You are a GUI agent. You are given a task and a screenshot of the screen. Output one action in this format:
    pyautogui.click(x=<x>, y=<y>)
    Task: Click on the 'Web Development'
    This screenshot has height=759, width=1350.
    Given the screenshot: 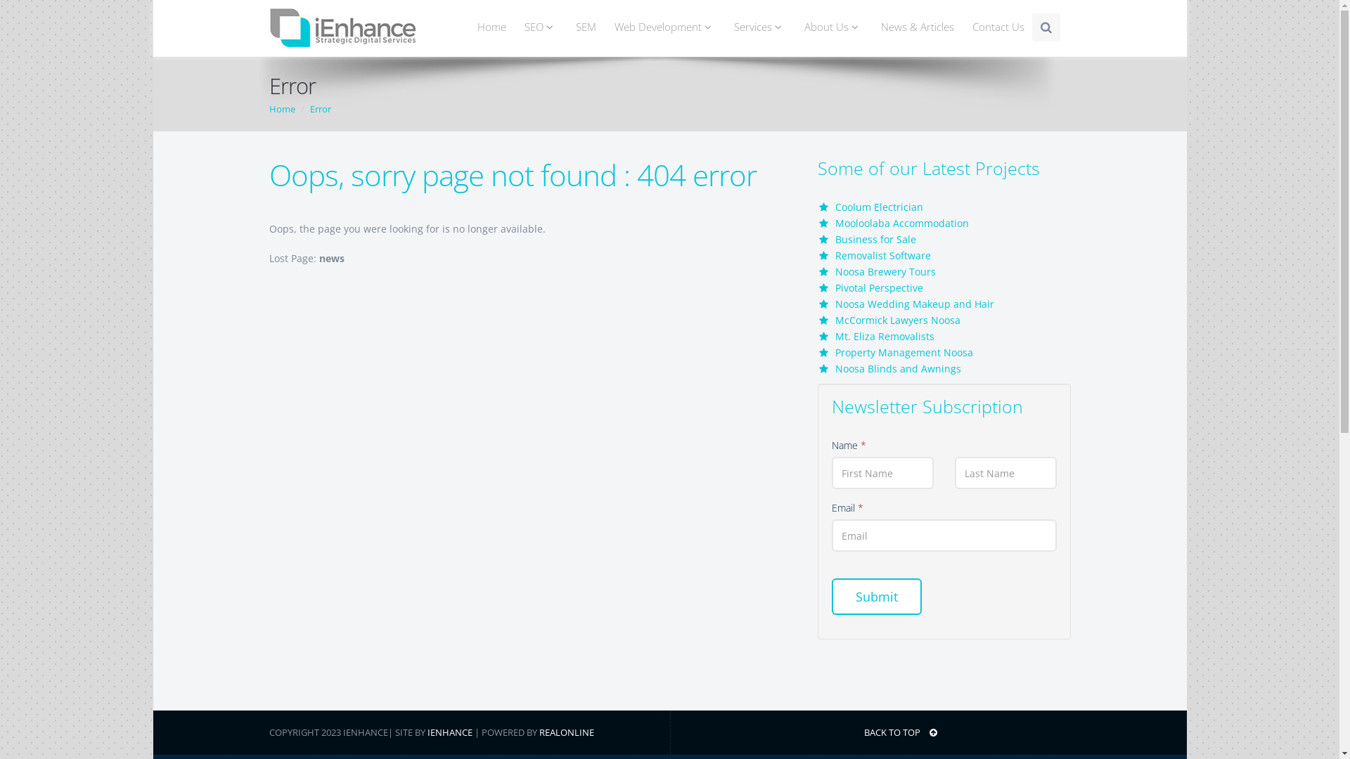 What is the action you would take?
    pyautogui.click(x=664, y=27)
    